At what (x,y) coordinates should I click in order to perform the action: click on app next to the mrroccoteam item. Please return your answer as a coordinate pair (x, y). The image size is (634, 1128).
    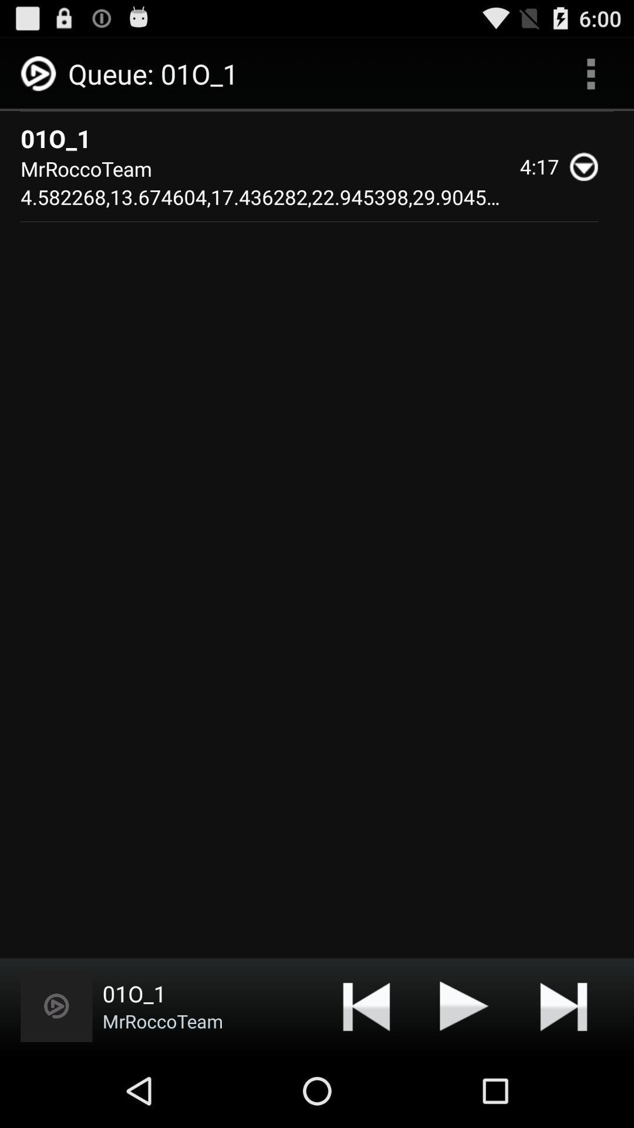
    Looking at the image, I should click on (366, 1005).